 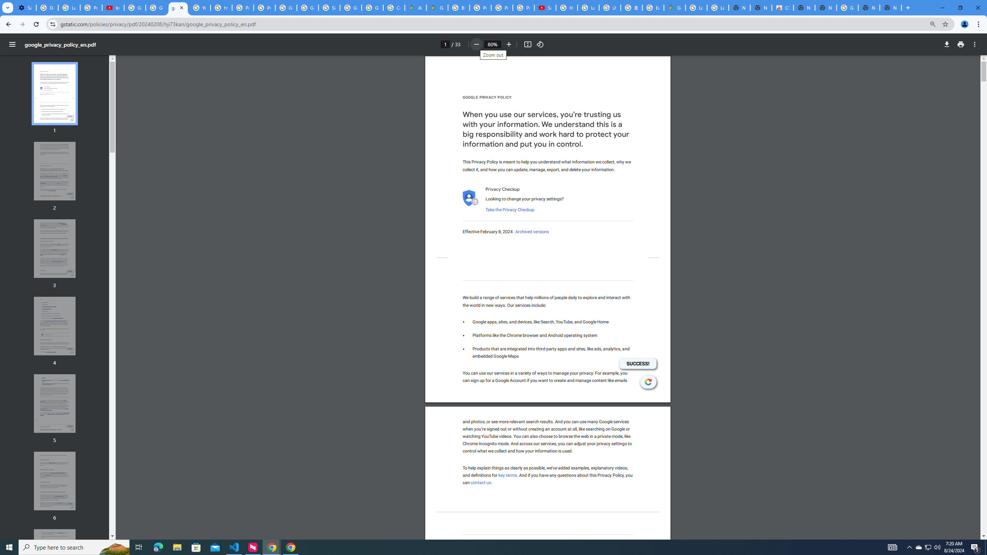 What do you see at coordinates (783, 7) in the screenshot?
I see `'Chrome Web Store'` at bounding box center [783, 7].